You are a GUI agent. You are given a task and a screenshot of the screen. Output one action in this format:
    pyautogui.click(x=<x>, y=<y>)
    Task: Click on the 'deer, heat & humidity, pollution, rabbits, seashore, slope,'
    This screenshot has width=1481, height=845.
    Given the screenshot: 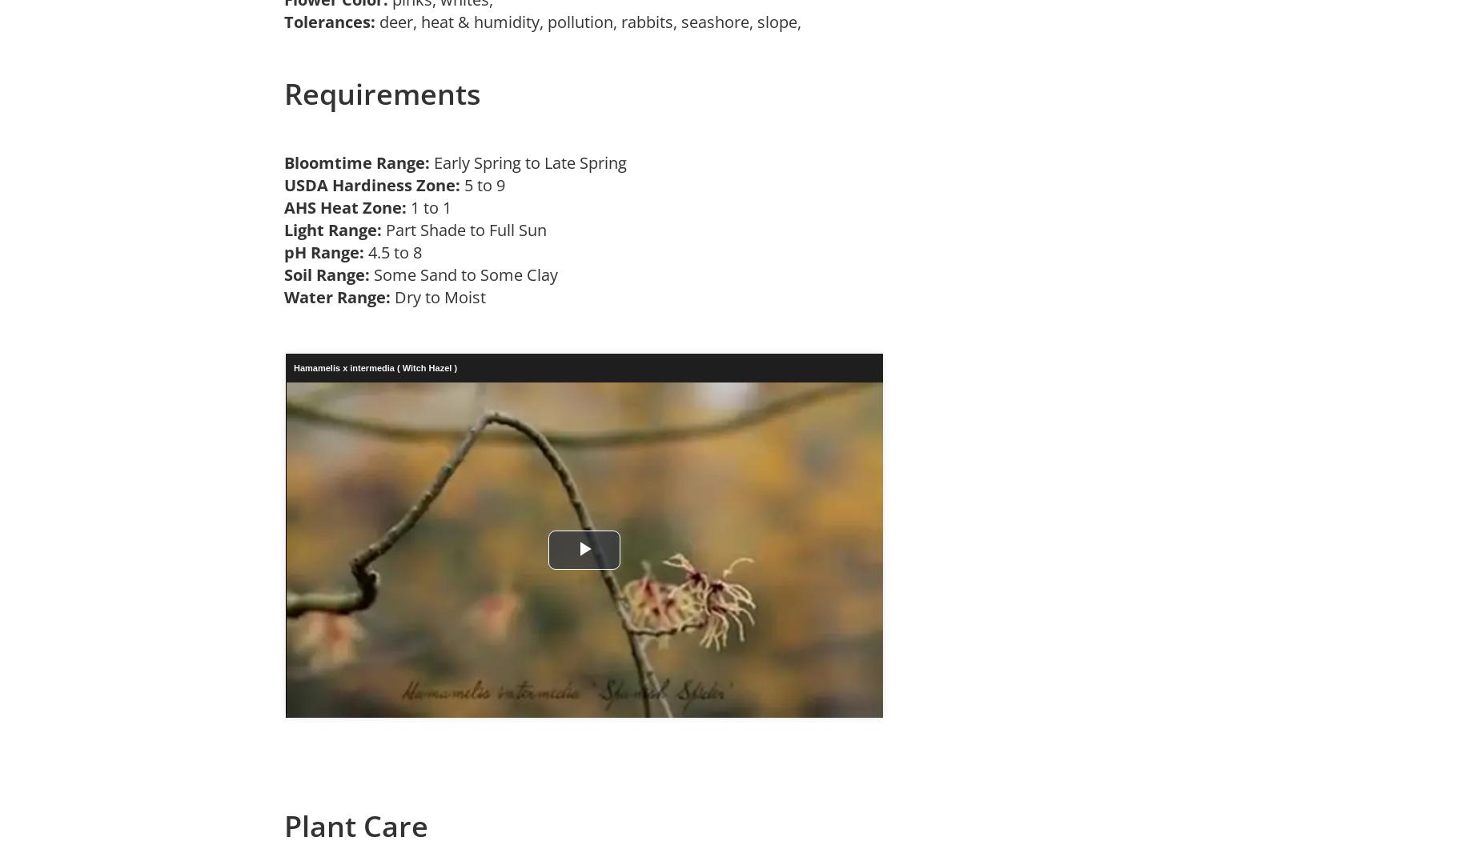 What is the action you would take?
    pyautogui.click(x=592, y=21)
    